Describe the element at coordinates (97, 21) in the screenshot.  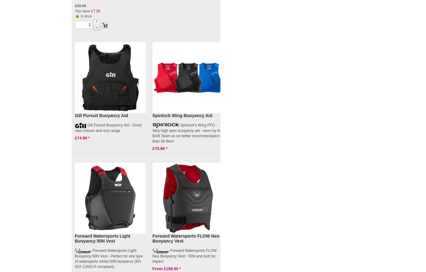
I see `'+'` at that location.